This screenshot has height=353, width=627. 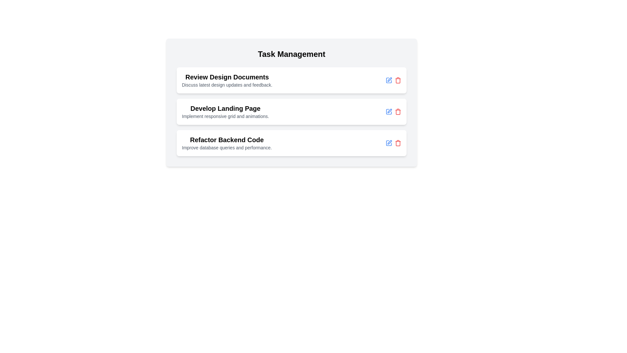 I want to click on the second task card in the Task Management section, so click(x=291, y=111).